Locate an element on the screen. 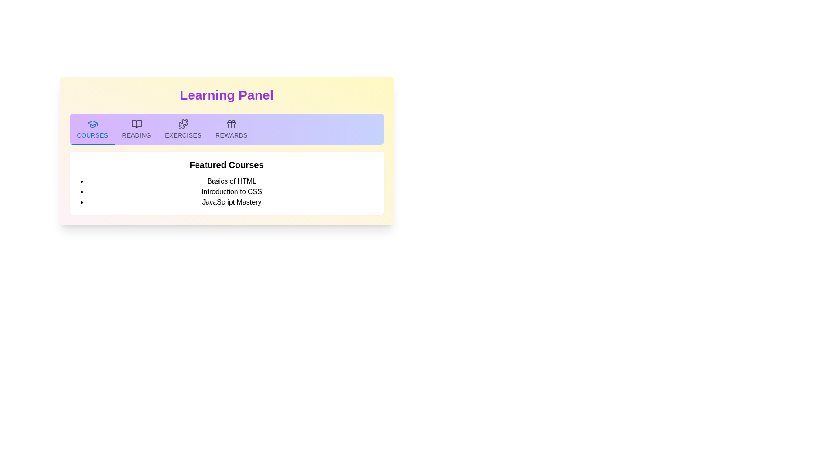 The image size is (836, 470). text header labeled 'Featured Courses', which is styled in bold and larger font, positioned below the navigation bar and above the list of courses is located at coordinates (226, 164).